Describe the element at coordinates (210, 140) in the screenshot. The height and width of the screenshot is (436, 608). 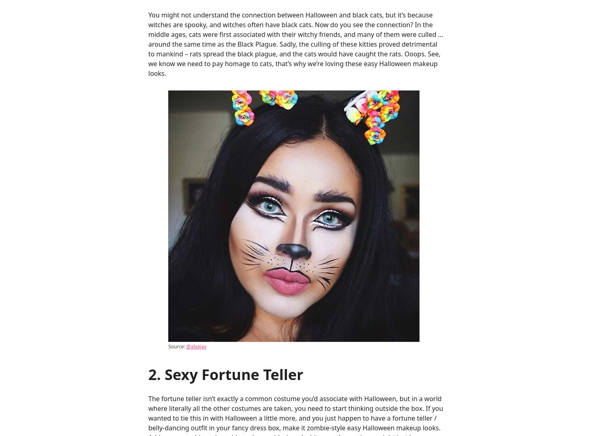
I see `'Your email address will not be published.'` at that location.